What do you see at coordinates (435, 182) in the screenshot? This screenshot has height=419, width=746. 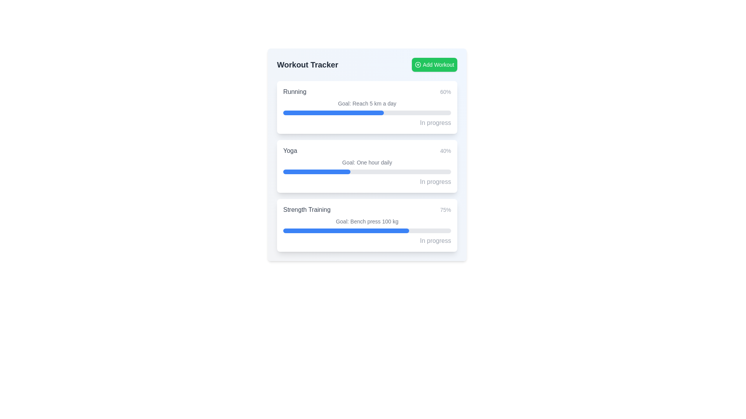 I see `the 'In progress' Text Label located under the progress bar and to the right of the goal description in the bottom-right corner of the Yoga activity card` at bounding box center [435, 182].